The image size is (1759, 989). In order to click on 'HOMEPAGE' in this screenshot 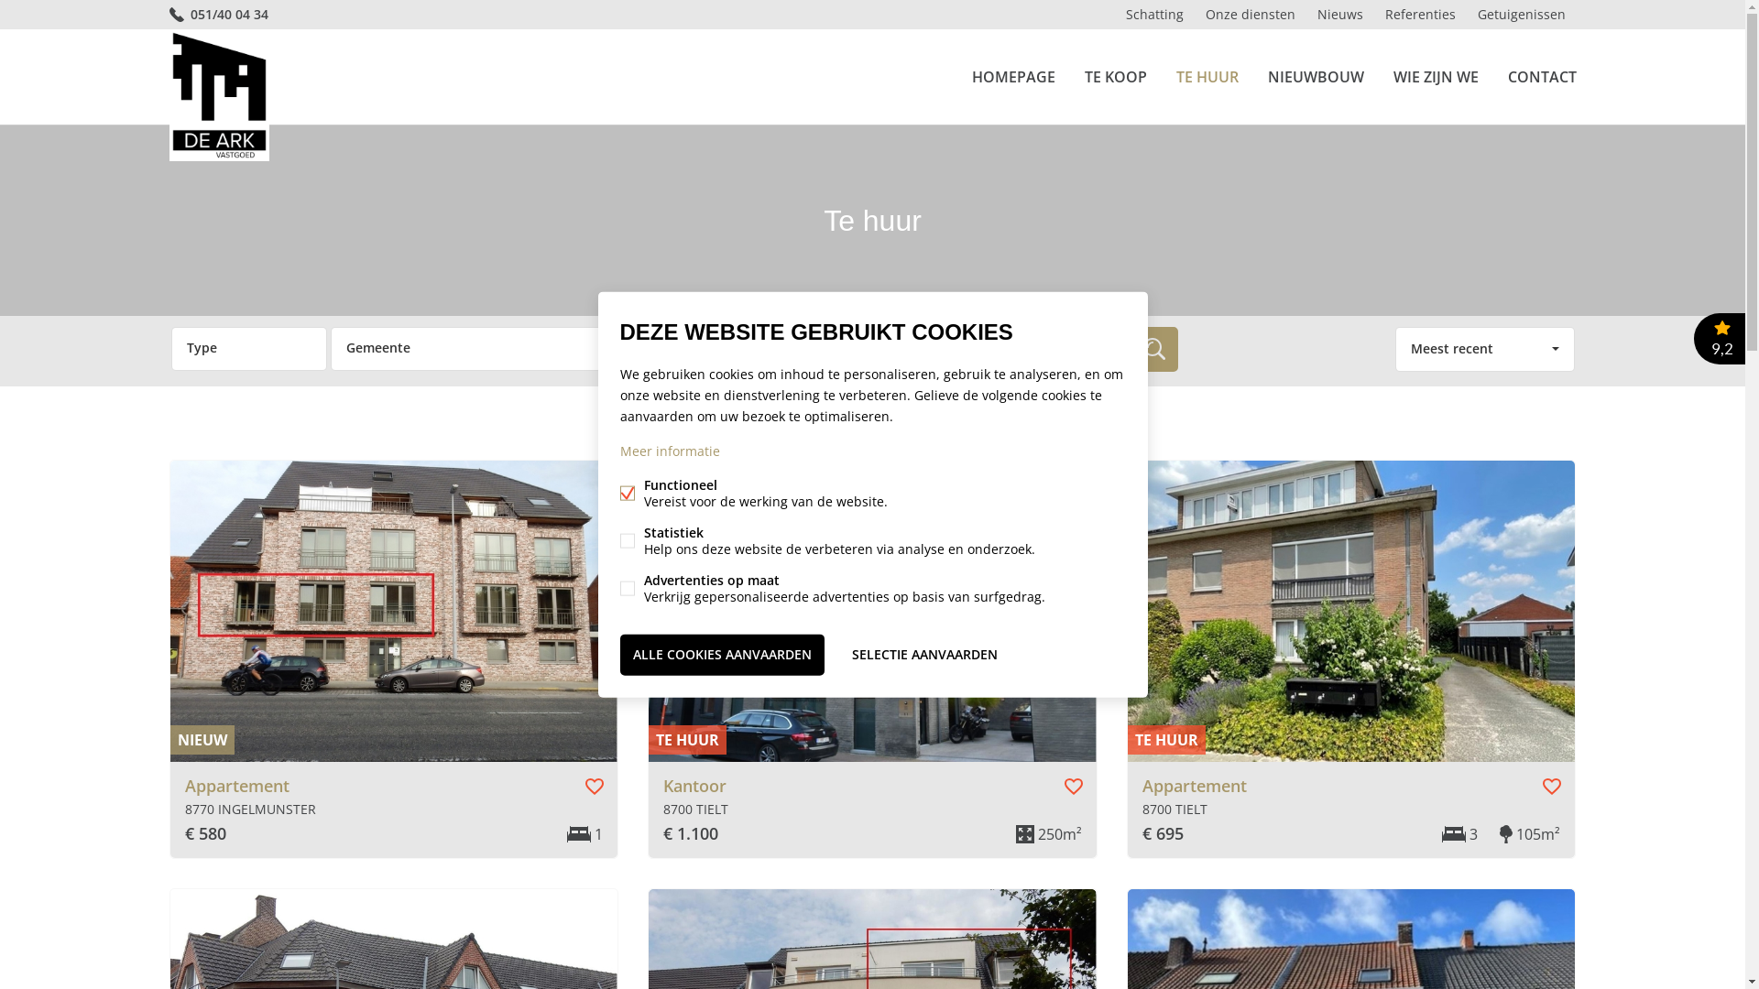, I will do `click(1011, 76)`.